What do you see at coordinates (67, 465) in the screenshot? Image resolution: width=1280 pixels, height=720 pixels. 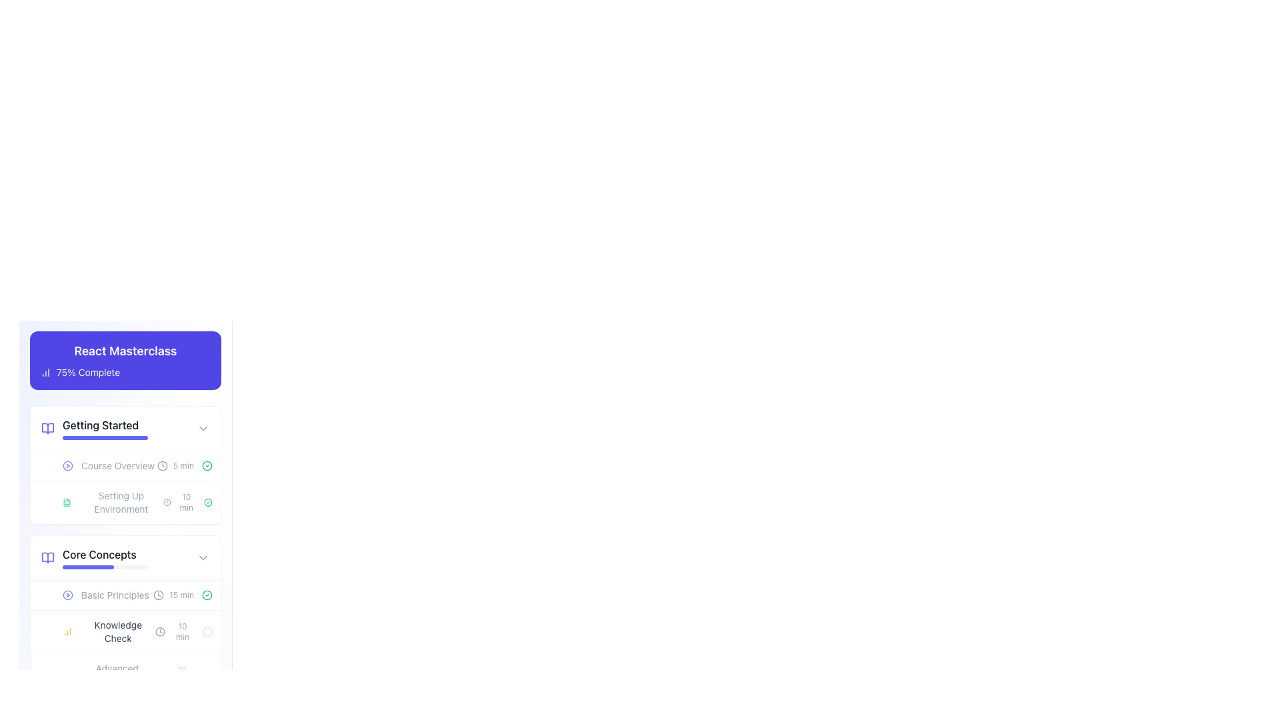 I see `the play icon located to the far left of the 'Course Overview' text, which indicates the ability to initiate a video or audio resource` at bounding box center [67, 465].